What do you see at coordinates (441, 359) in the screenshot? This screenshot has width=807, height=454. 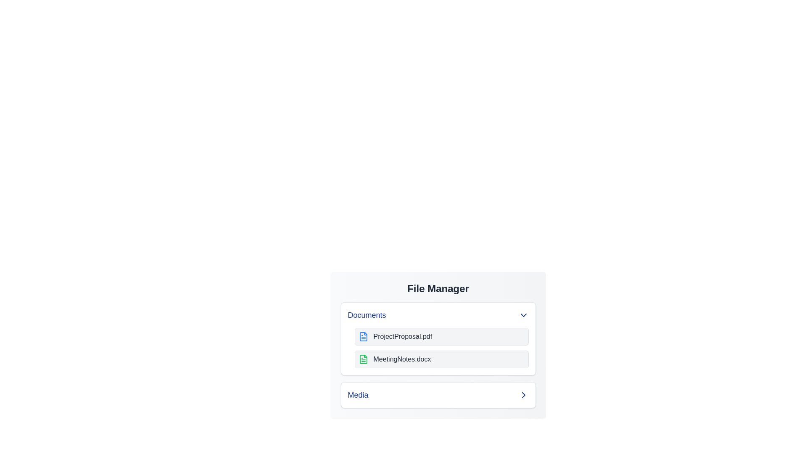 I see `the file MeetingNotes.docx to observe hover effects` at bounding box center [441, 359].